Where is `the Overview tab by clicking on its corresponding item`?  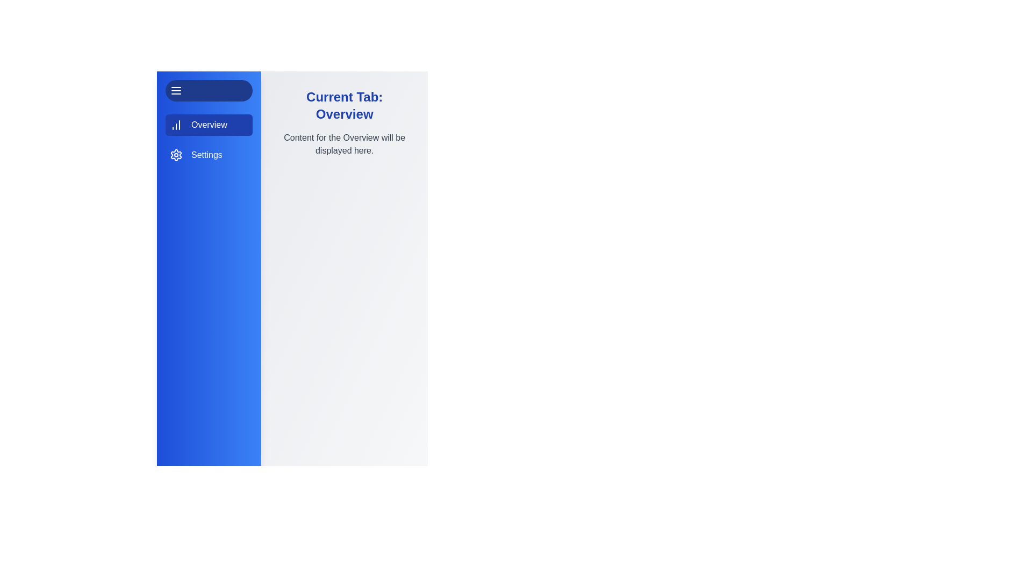
the Overview tab by clicking on its corresponding item is located at coordinates (209, 124).